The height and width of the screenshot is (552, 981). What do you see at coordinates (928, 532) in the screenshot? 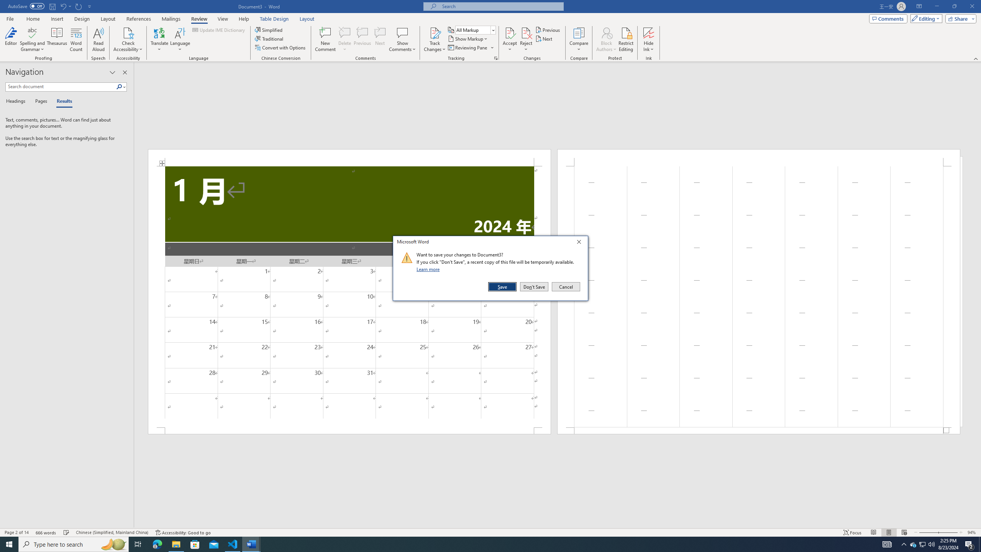
I see `'Zoom Out'` at bounding box center [928, 532].